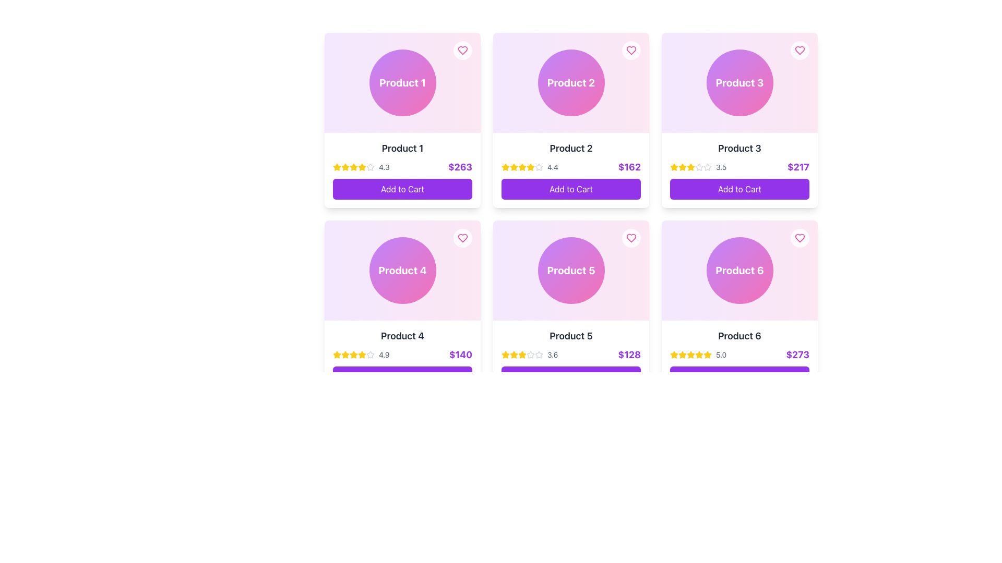  Describe the element at coordinates (683, 354) in the screenshot. I see `the third filled star icon used for ratings located below 'Product 6' and its rating '5.0'` at that location.